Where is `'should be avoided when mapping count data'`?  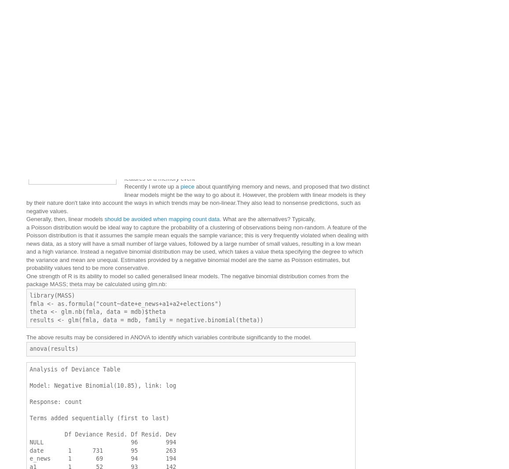 'should be avoided when mapping count data' is located at coordinates (161, 218).